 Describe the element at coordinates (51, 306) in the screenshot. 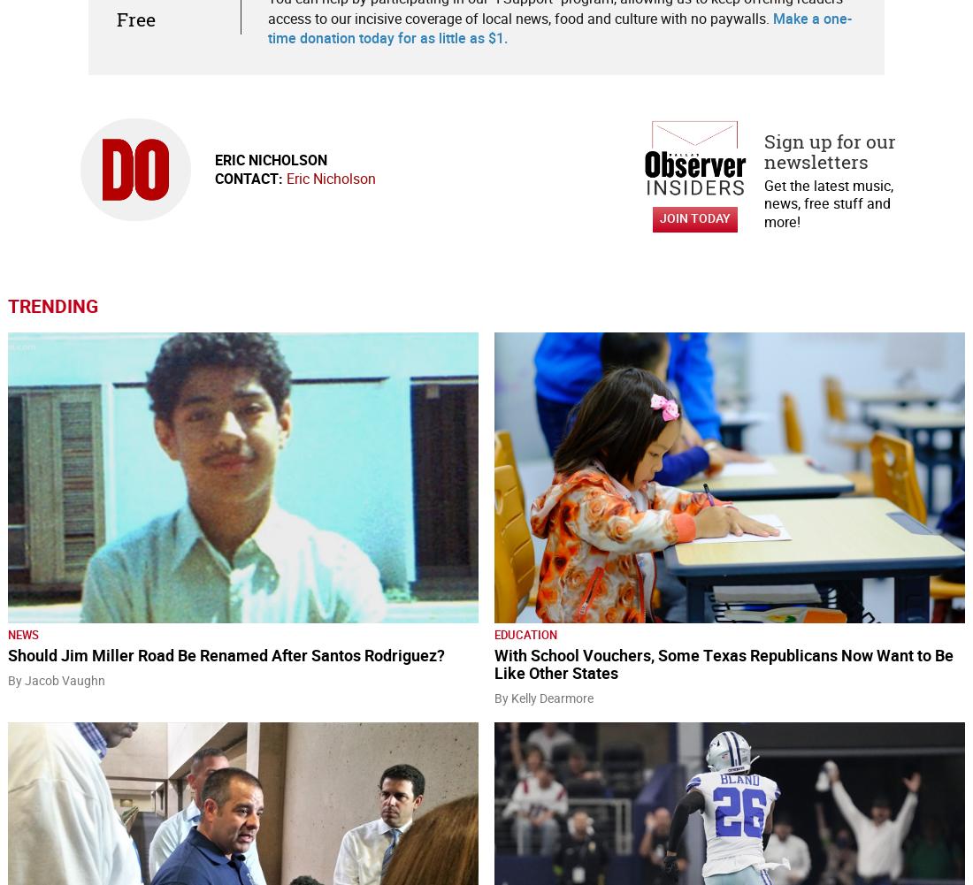

I see `'Trending'` at that location.